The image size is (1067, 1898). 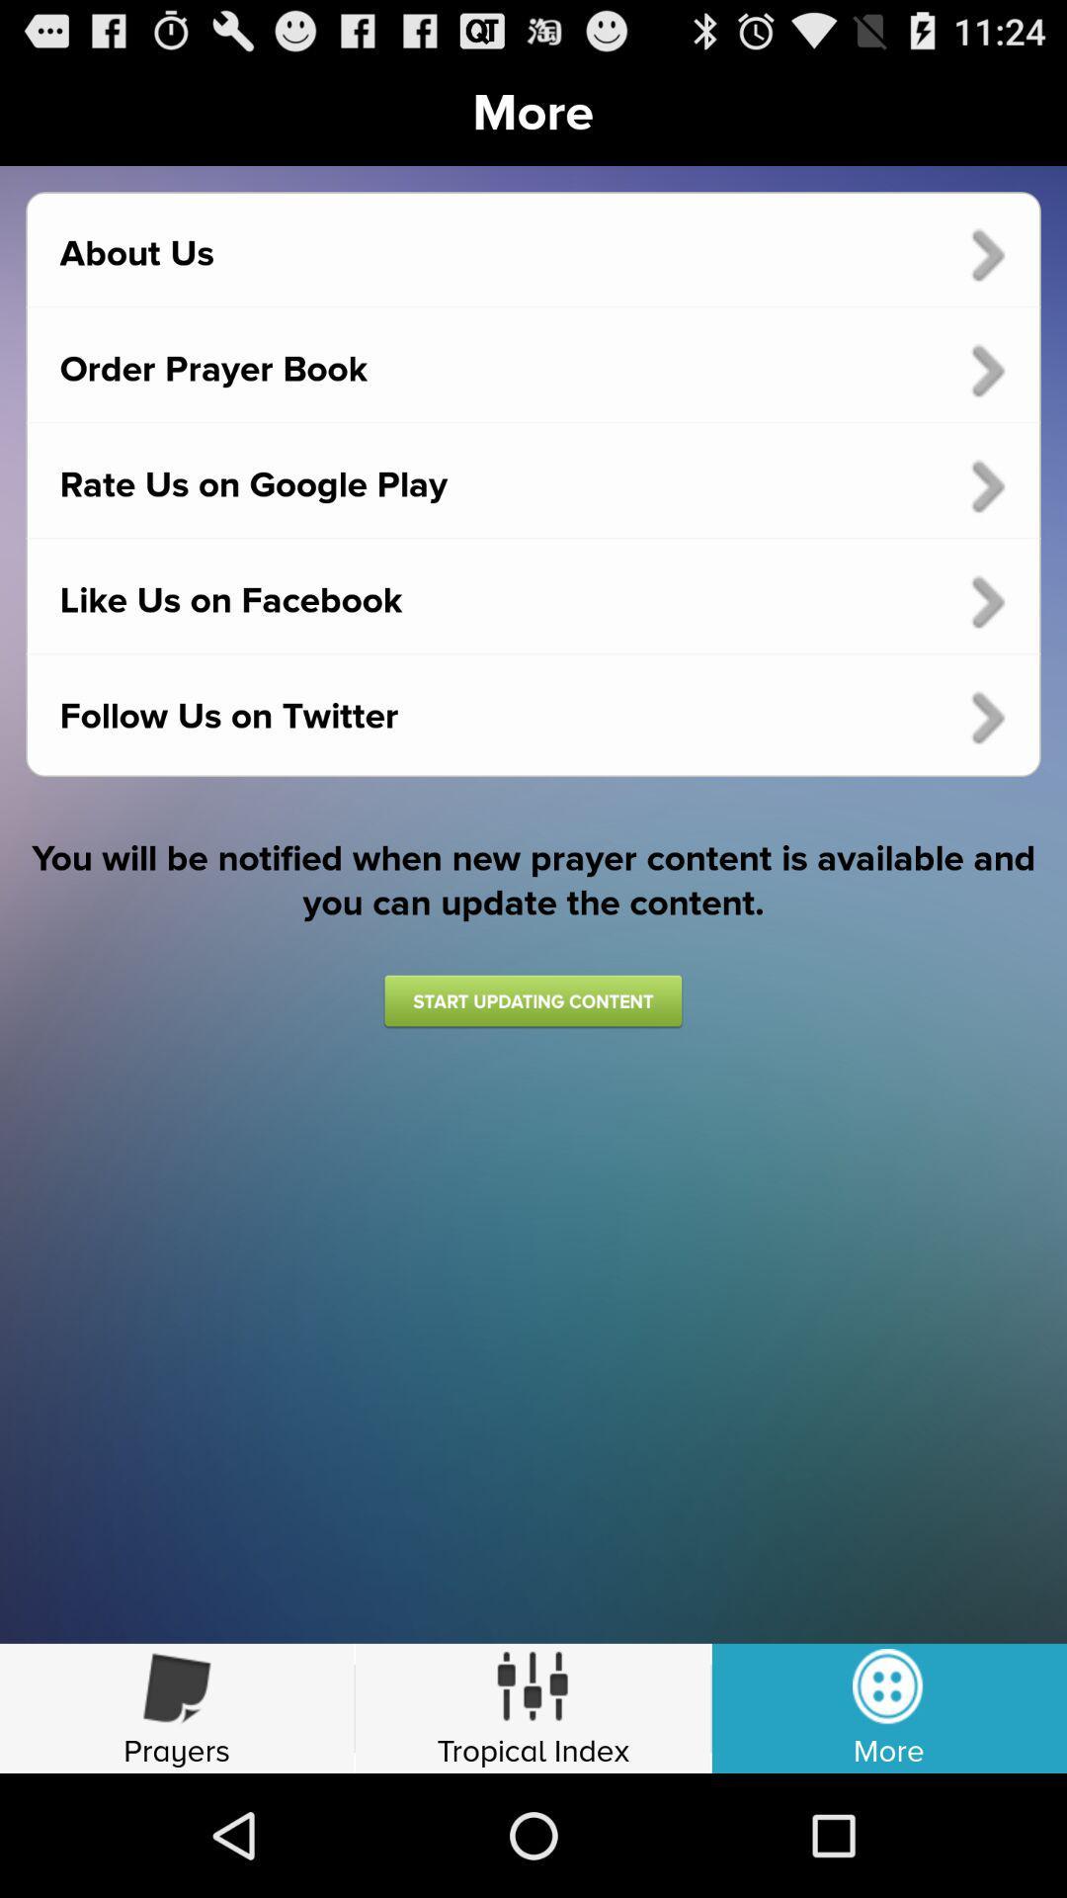 I want to click on second option under more, so click(x=533, y=370).